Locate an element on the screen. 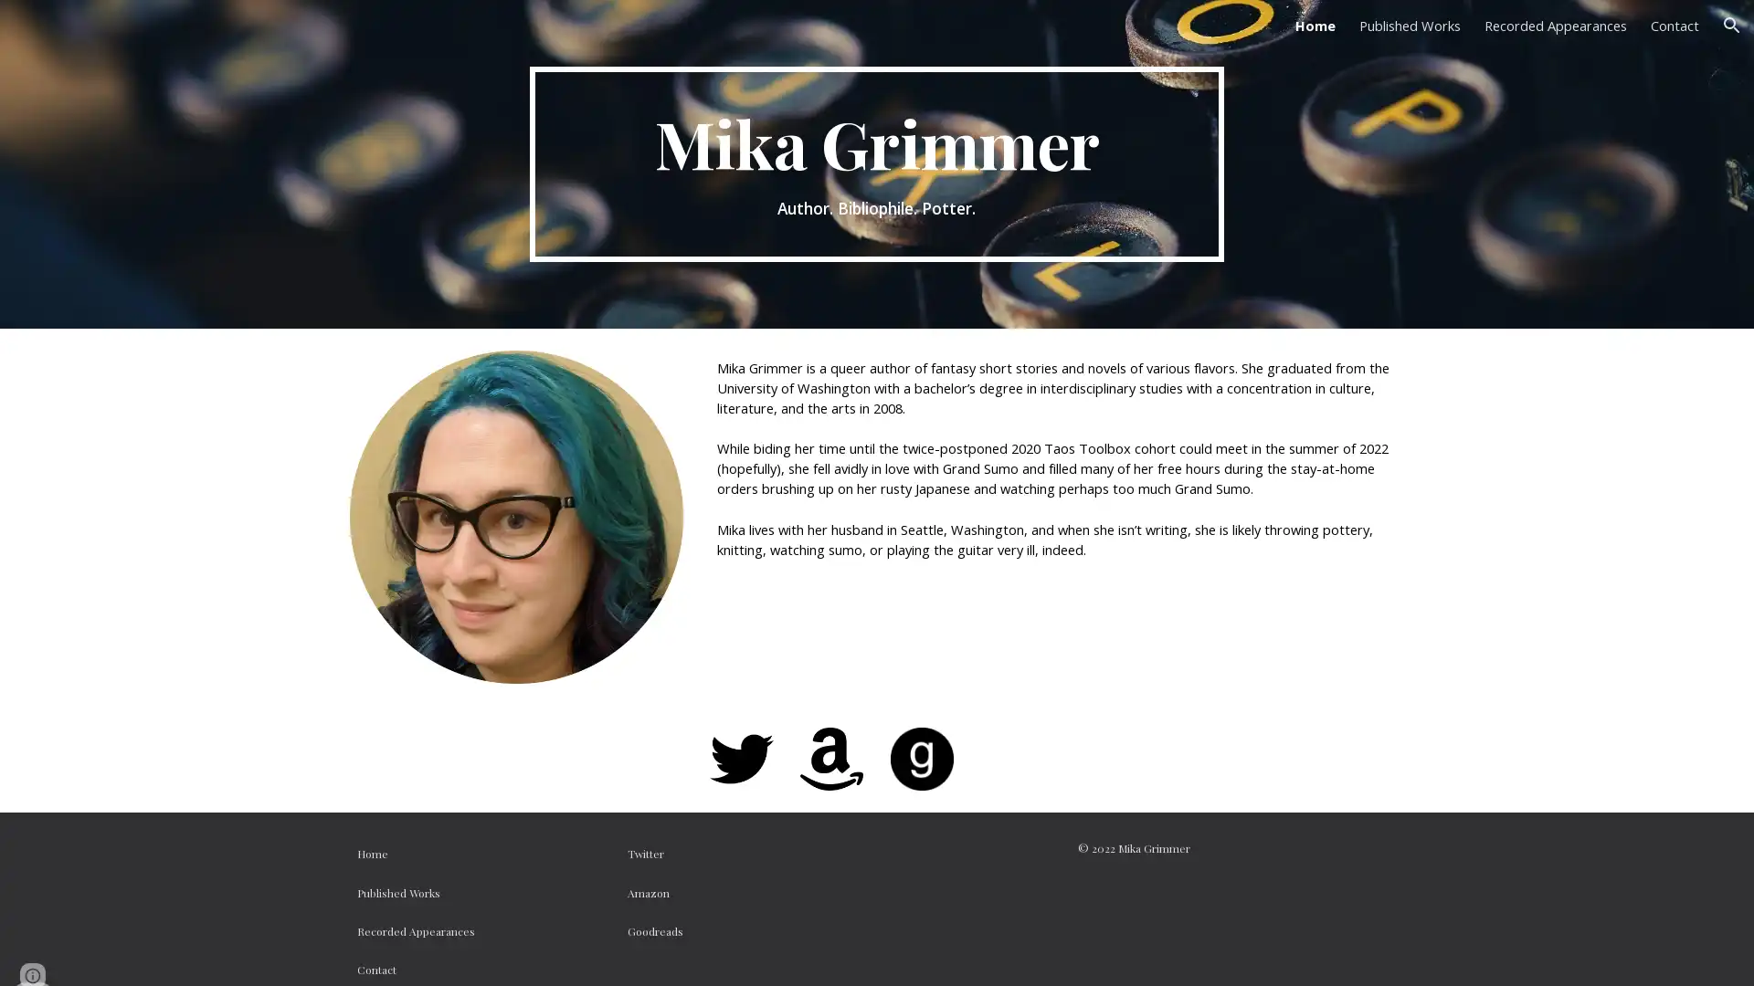 Image resolution: width=1754 pixels, height=986 pixels. Google Sites is located at coordinates (88, 953).